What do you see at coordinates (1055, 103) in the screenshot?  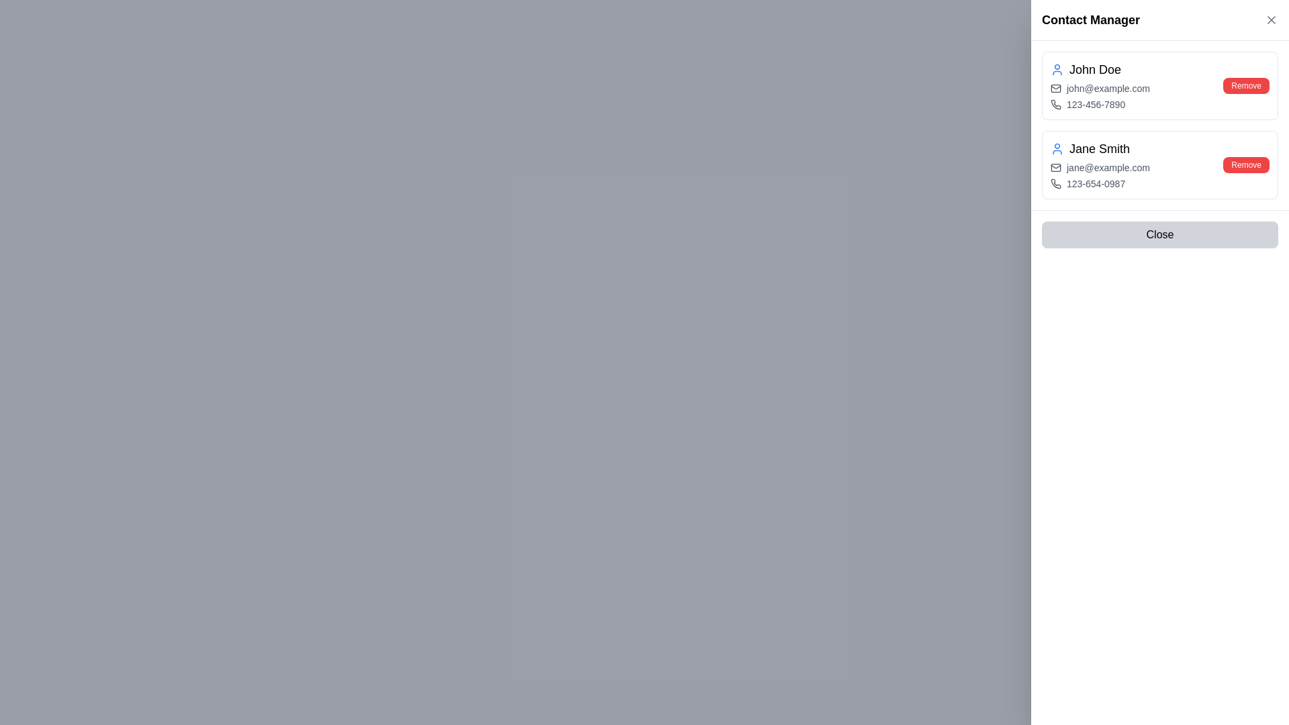 I see `the Decorative phone icon, which is recognized by its curved receiver shape and is located below the envelope icon and above the 'Remove' button in the contact details of 'John Doe'` at bounding box center [1055, 103].